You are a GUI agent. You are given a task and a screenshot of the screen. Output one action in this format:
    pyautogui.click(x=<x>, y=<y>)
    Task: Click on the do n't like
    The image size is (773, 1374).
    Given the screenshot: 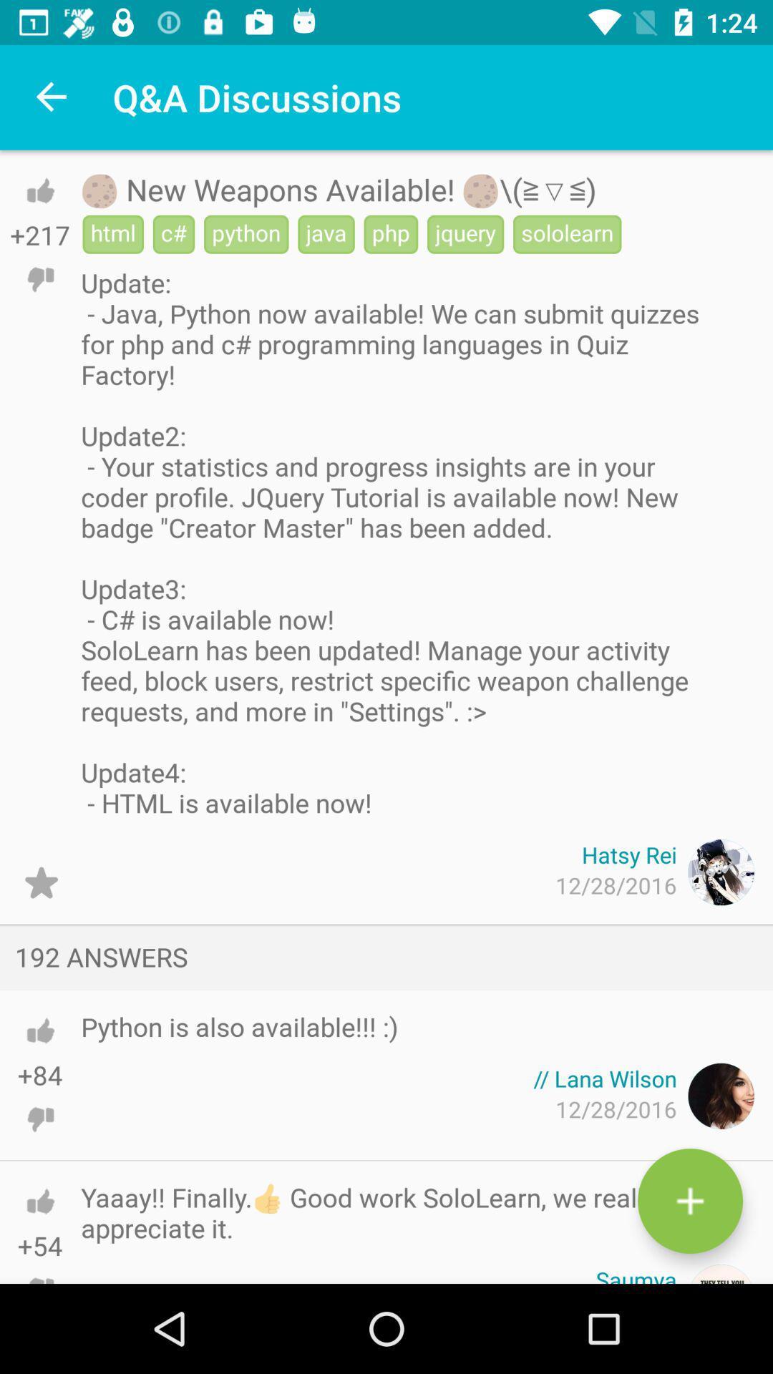 What is the action you would take?
    pyautogui.click(x=39, y=1119)
    